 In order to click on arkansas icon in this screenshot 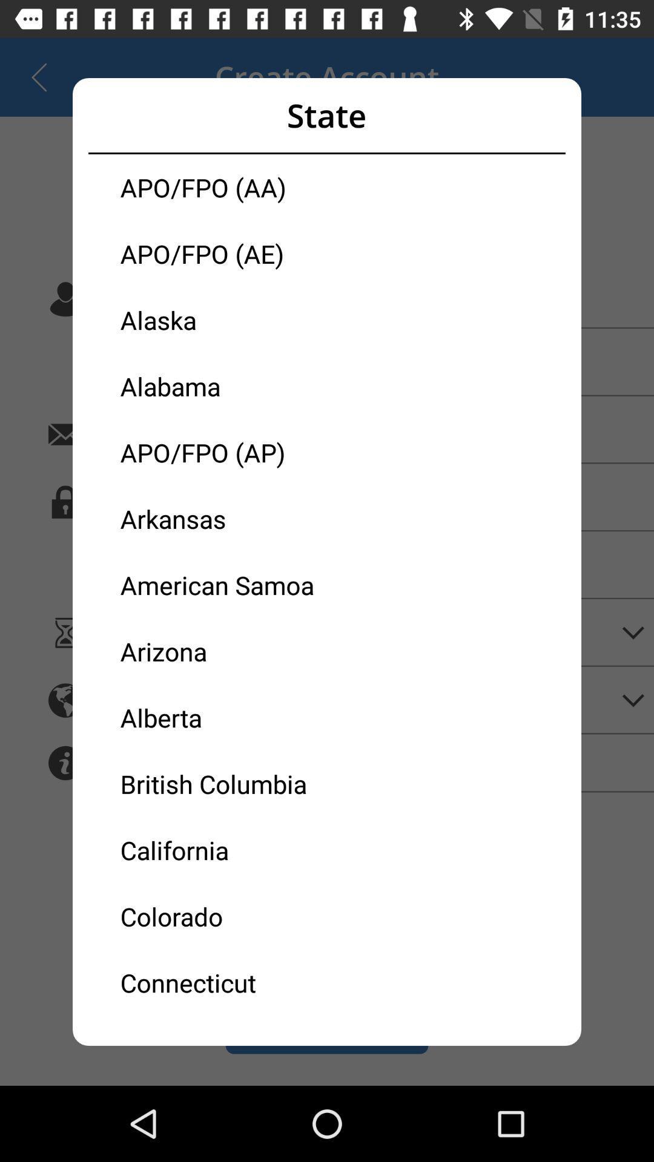, I will do `click(223, 519)`.